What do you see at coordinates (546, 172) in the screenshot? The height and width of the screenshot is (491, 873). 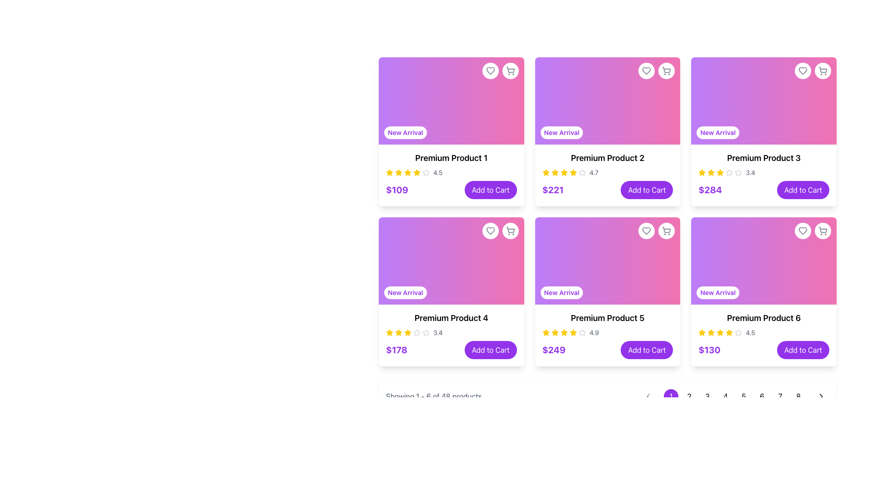 I see `the second yellow star icon in the five-star rating system below 'Premium Product 2'` at bounding box center [546, 172].